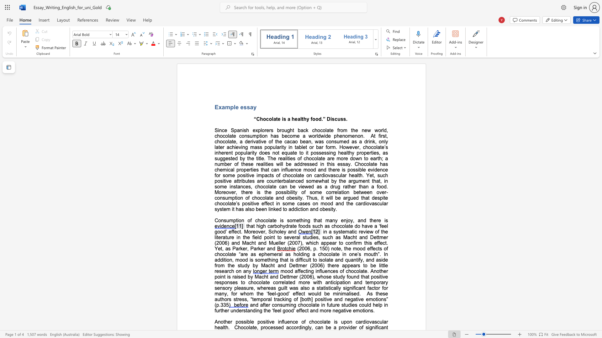 This screenshot has width=602, height=338. I want to click on the subset text "his effect. Yet, as Parker, Parker and" within the text "this effect. Yet, as Parker, Parker and", so click(366, 243).